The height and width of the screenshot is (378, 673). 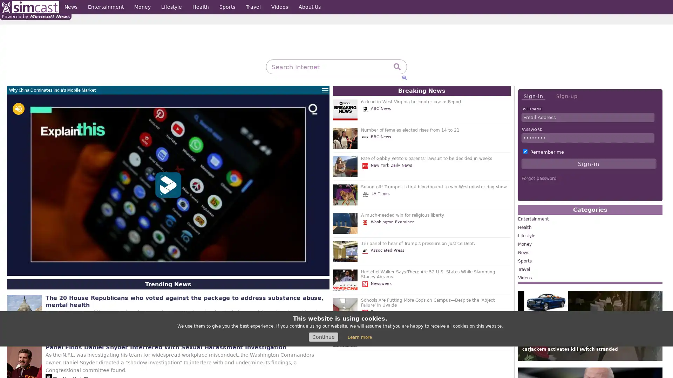 What do you see at coordinates (533, 96) in the screenshot?
I see `Sign-in` at bounding box center [533, 96].